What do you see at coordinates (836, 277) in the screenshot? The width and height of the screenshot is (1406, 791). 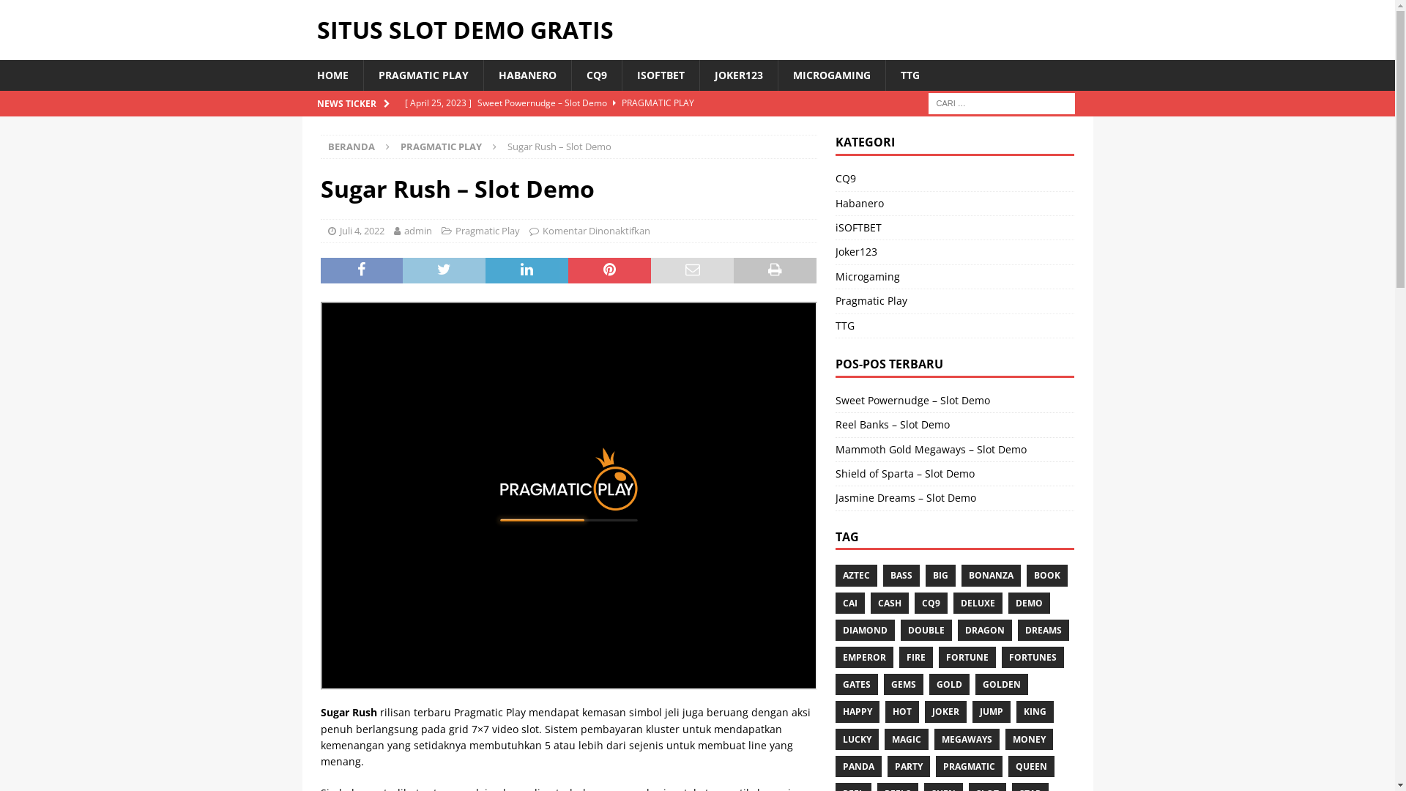 I see `'Microgaming'` at bounding box center [836, 277].